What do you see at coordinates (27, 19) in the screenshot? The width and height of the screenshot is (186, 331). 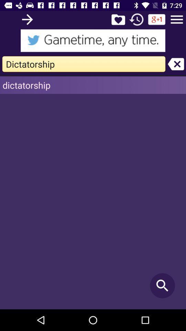 I see `the arrow_forward icon` at bounding box center [27, 19].